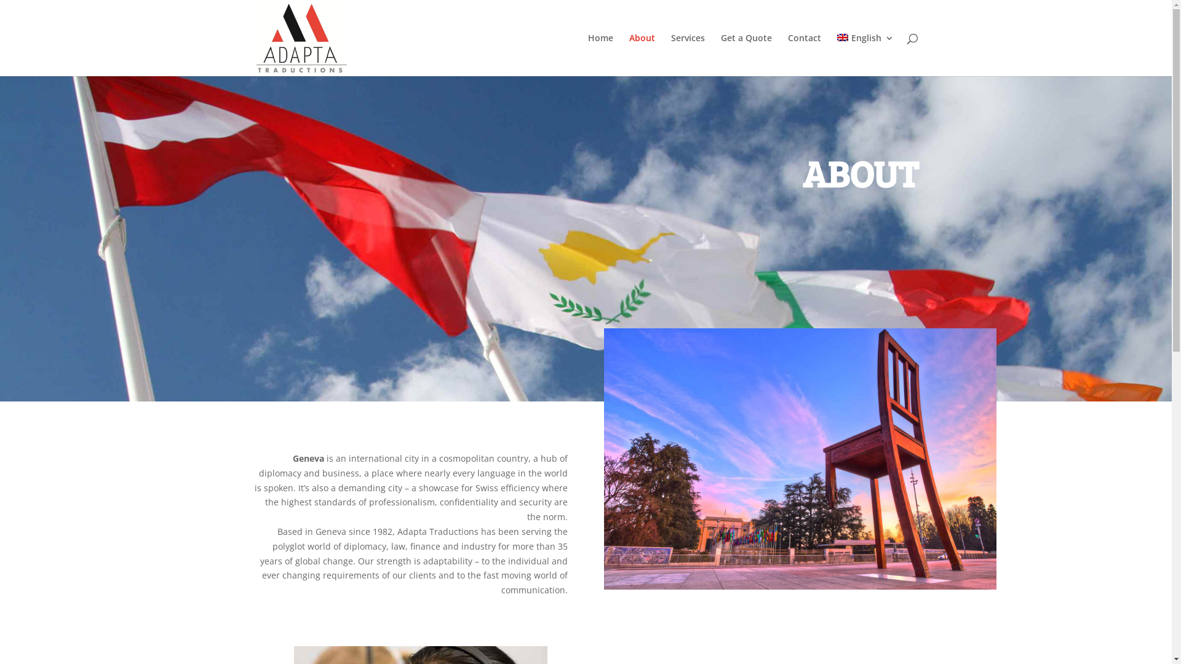 The height and width of the screenshot is (664, 1181). What do you see at coordinates (746, 54) in the screenshot?
I see `'Get a Quote'` at bounding box center [746, 54].